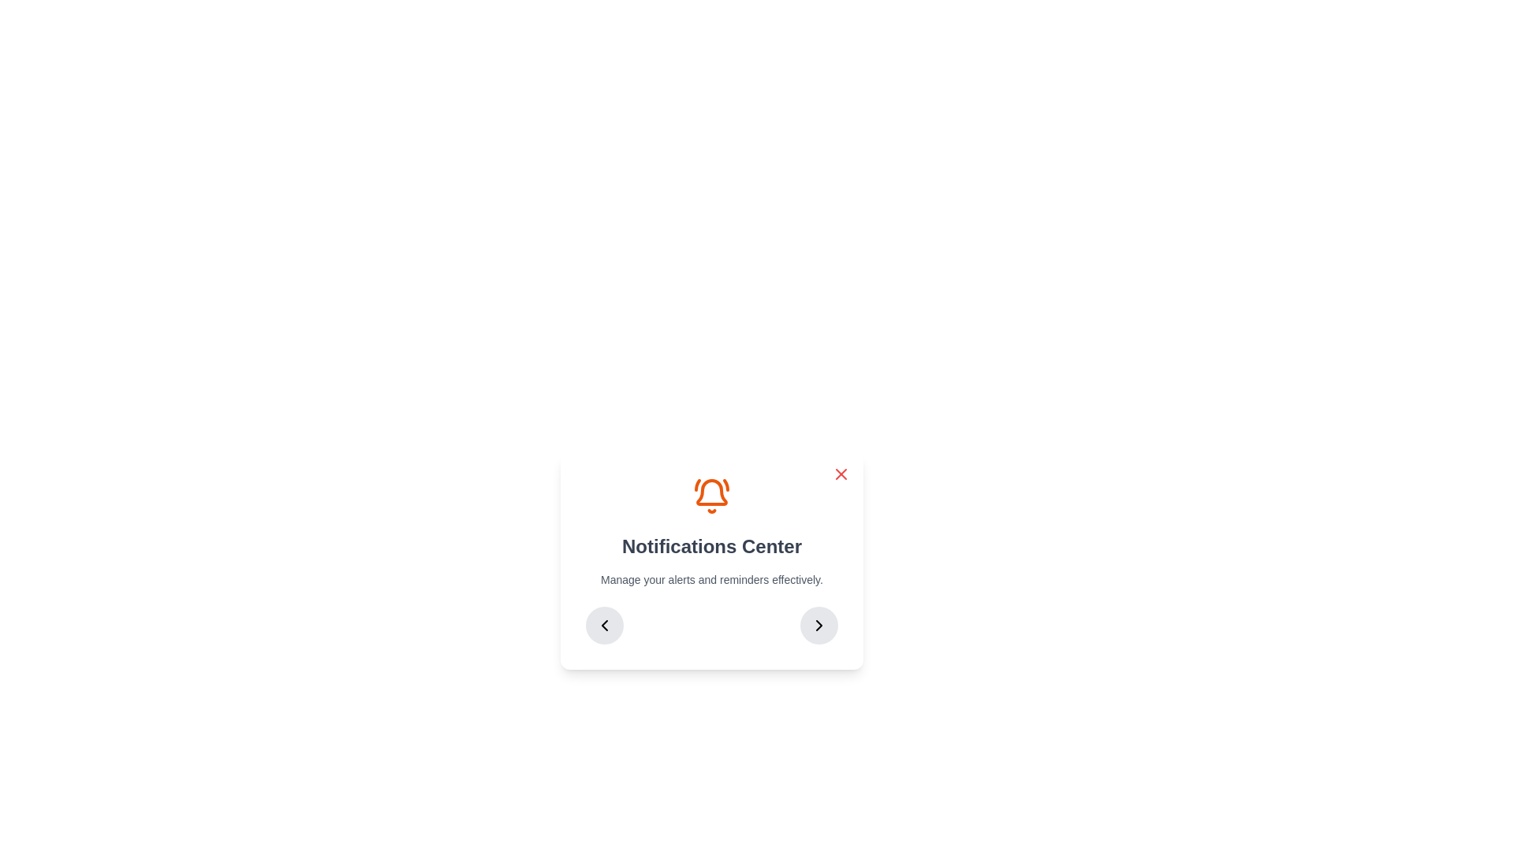 Image resolution: width=1514 pixels, height=851 pixels. Describe the element at coordinates (604, 625) in the screenshot. I see `the leftward-pointing chevron icon within the light gray circular button located at the bottom left corner of the Notifications Center card` at that location.